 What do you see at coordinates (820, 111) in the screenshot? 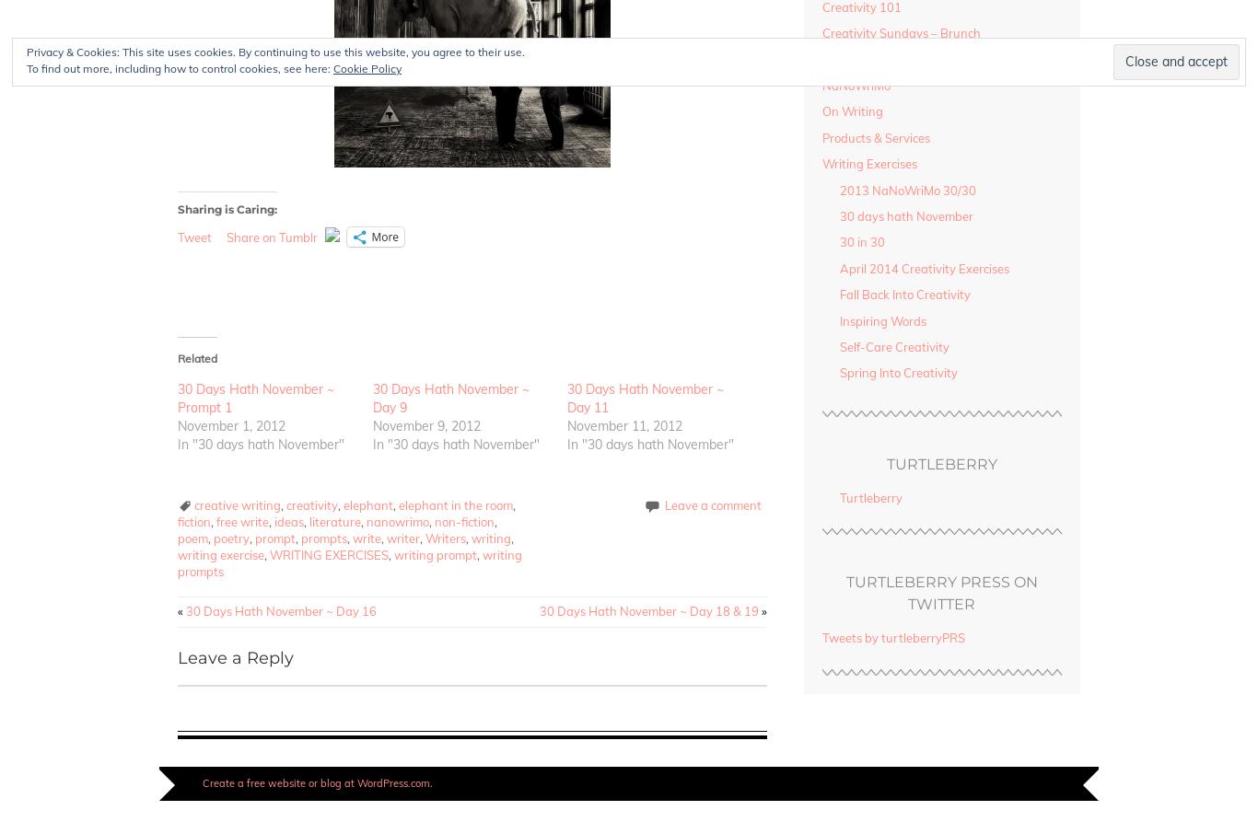
I see `'On Writing'` at bounding box center [820, 111].